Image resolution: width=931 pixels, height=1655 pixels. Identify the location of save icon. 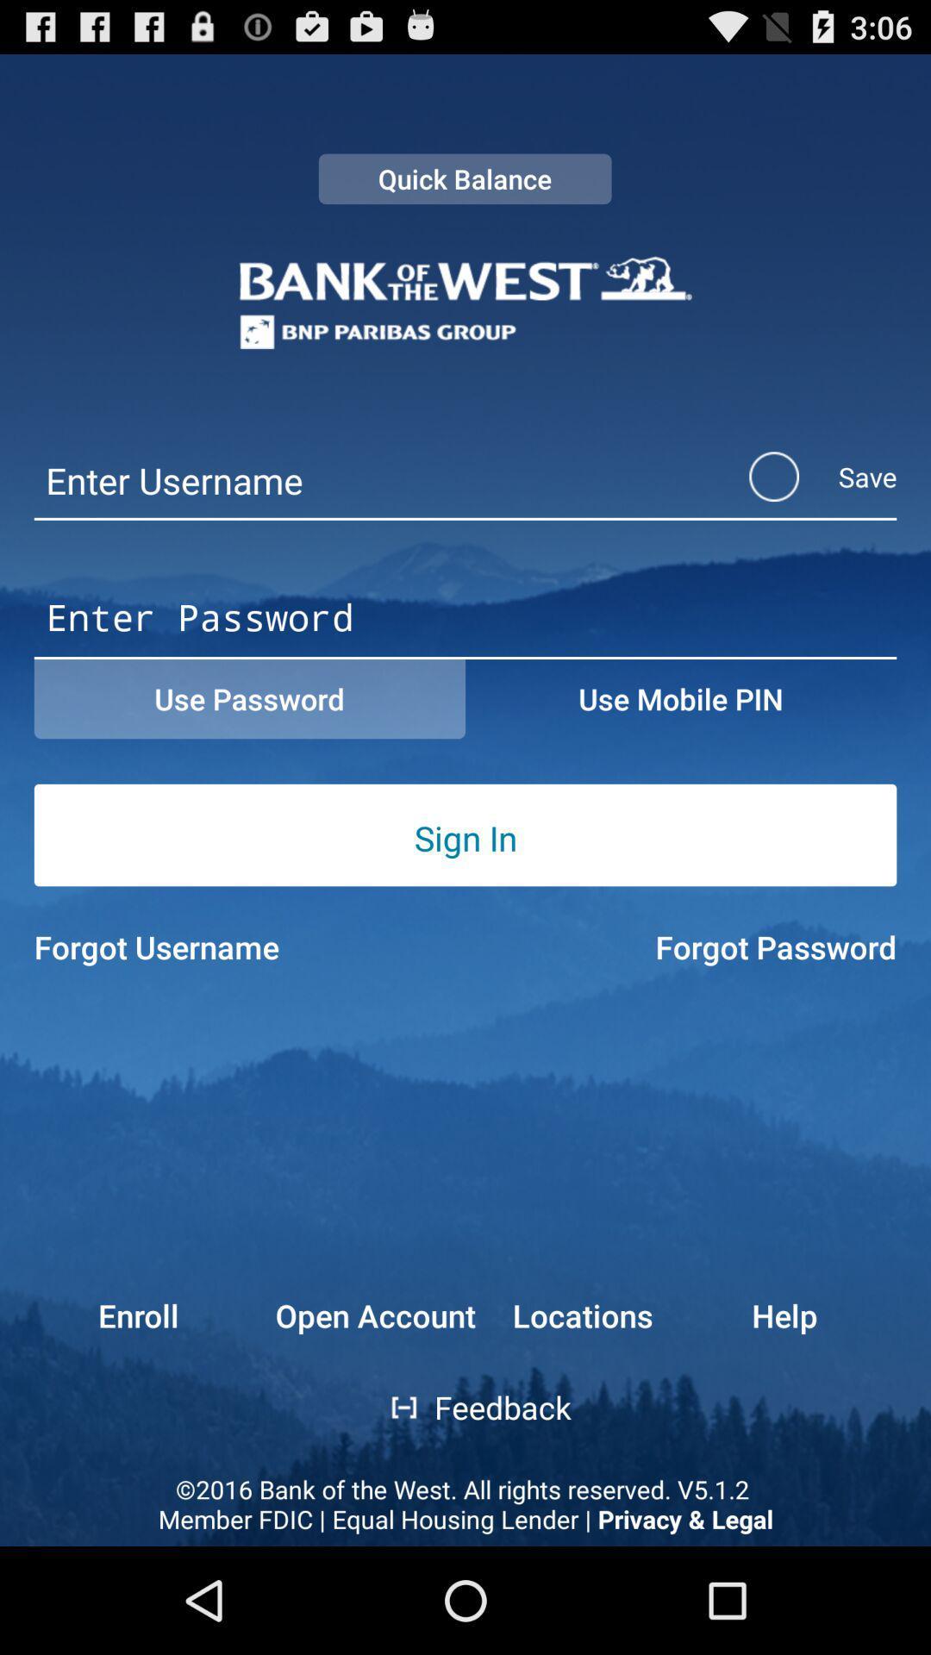
(800, 477).